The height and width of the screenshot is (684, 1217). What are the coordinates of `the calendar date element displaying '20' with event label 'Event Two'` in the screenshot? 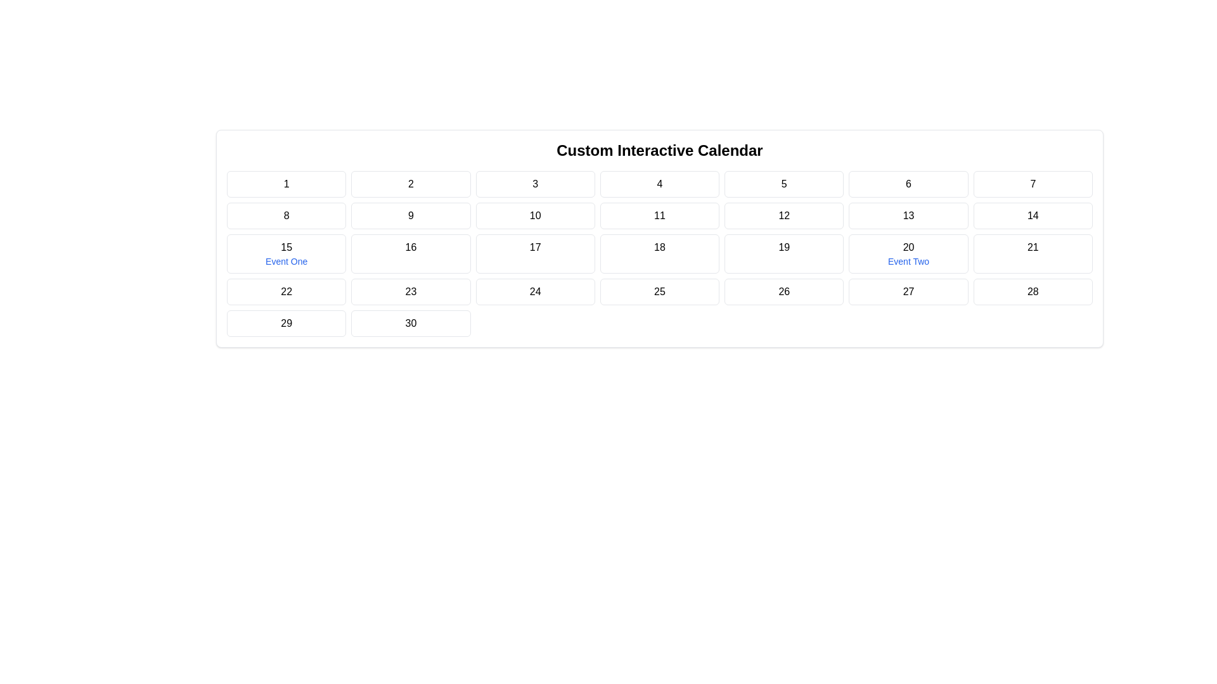 It's located at (908, 254).